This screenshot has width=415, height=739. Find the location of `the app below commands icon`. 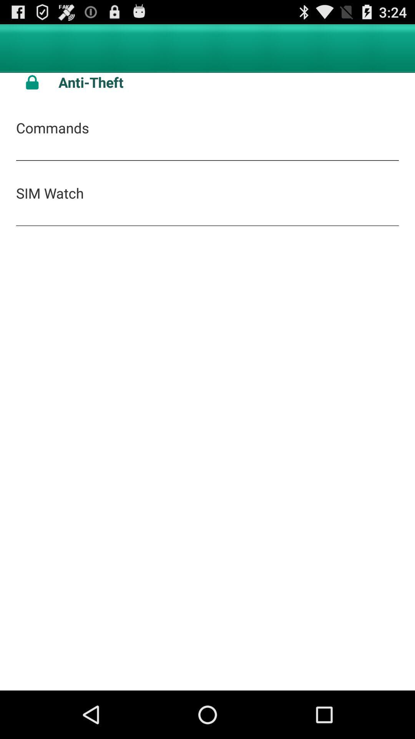

the app below commands icon is located at coordinates (50, 193).